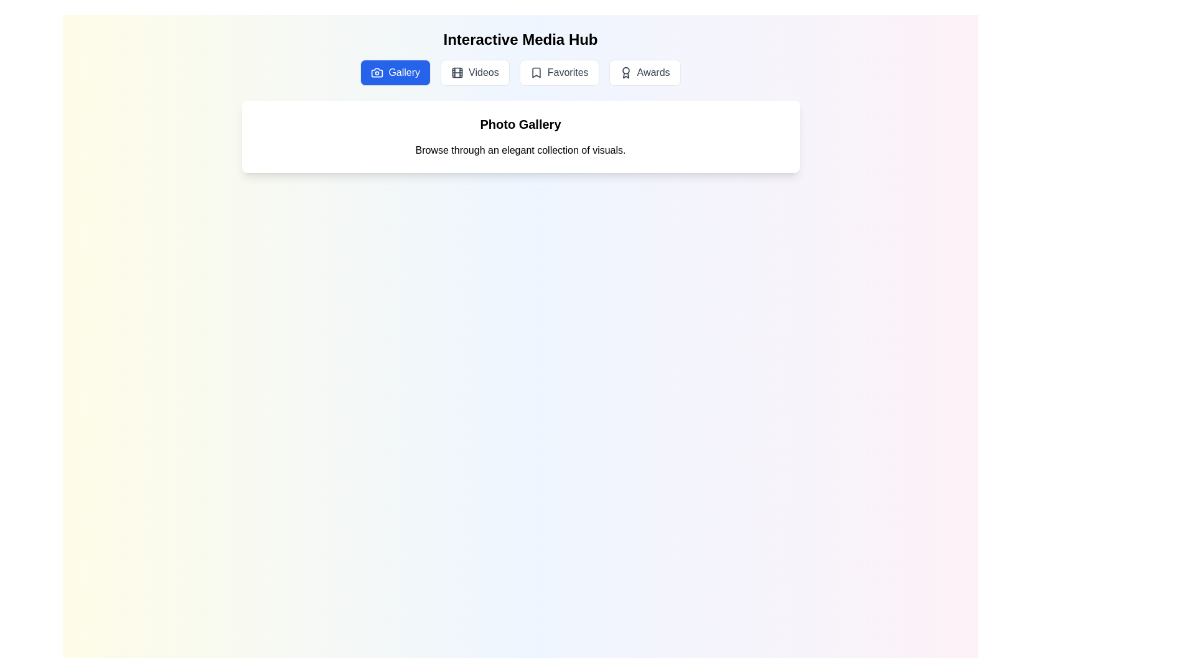 The height and width of the screenshot is (672, 1195). I want to click on the third button in the horizontal menu bar at the top center of the layout, so click(558, 72).